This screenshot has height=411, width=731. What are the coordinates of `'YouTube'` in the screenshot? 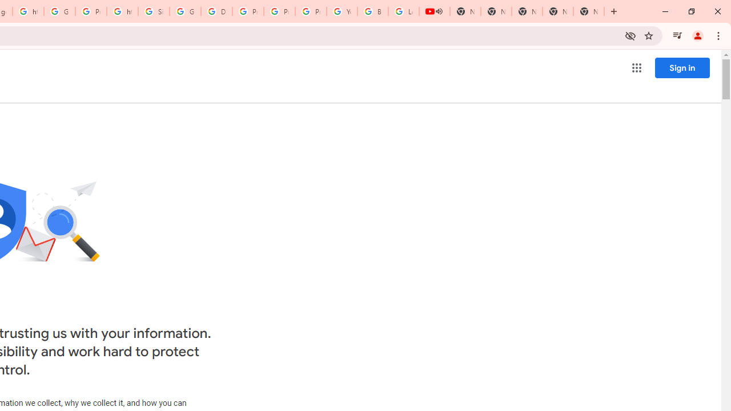 It's located at (342, 11).